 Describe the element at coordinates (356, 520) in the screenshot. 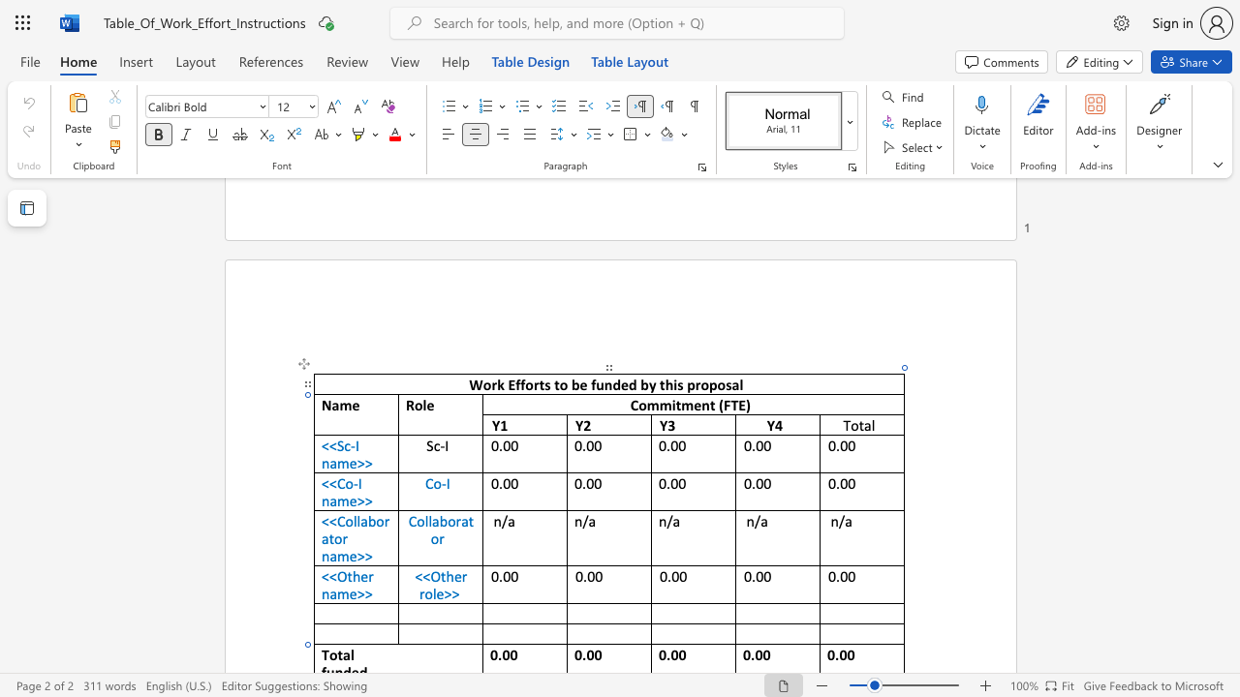

I see `the space between the continuous character "l" and "l" in the text` at that location.